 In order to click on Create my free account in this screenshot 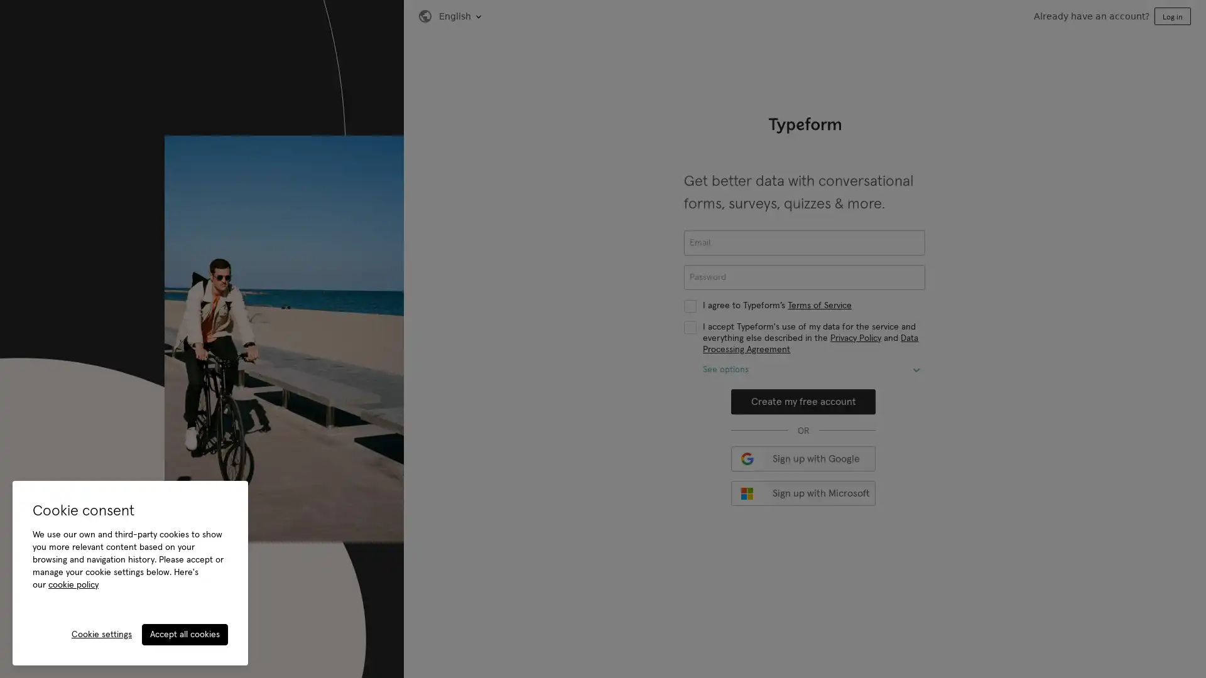, I will do `click(802, 402)`.